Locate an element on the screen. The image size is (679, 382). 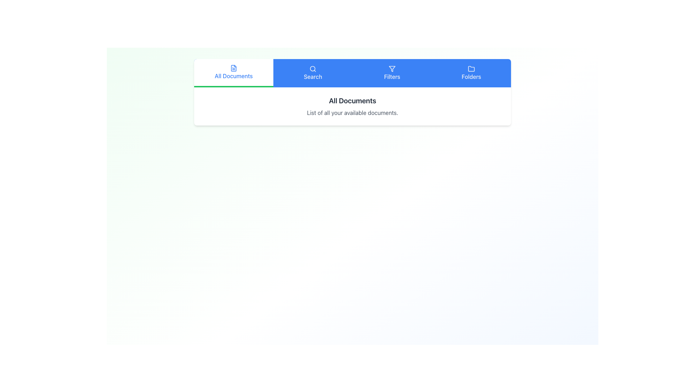
the 'All Documents' section using the icon located is located at coordinates (234, 68).